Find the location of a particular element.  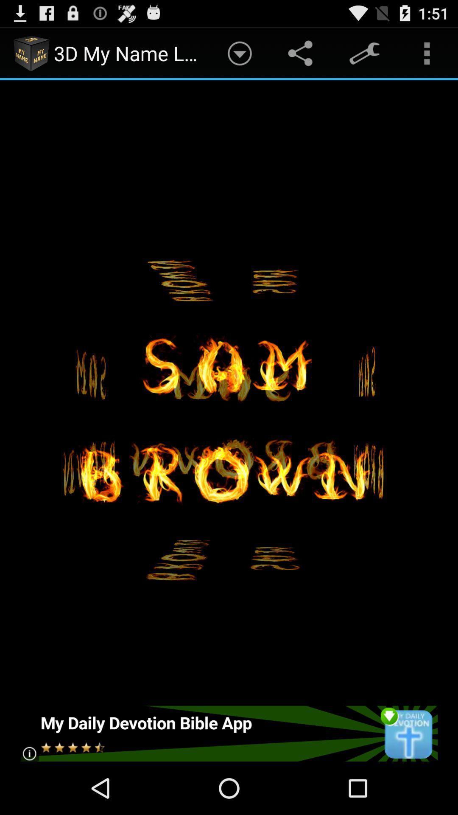

item to the right of 3d my name item is located at coordinates (240, 53).